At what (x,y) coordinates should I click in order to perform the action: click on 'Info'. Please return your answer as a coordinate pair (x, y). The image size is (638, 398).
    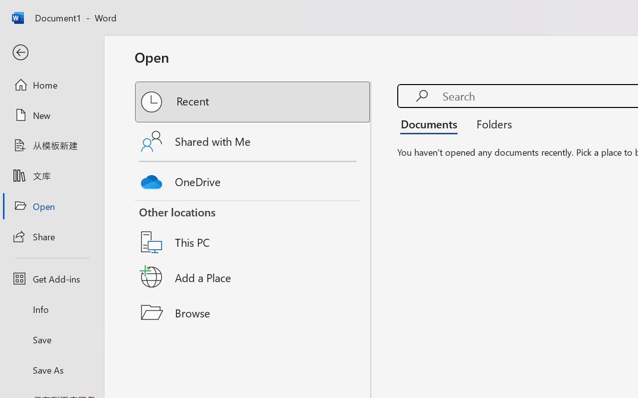
    Looking at the image, I should click on (51, 309).